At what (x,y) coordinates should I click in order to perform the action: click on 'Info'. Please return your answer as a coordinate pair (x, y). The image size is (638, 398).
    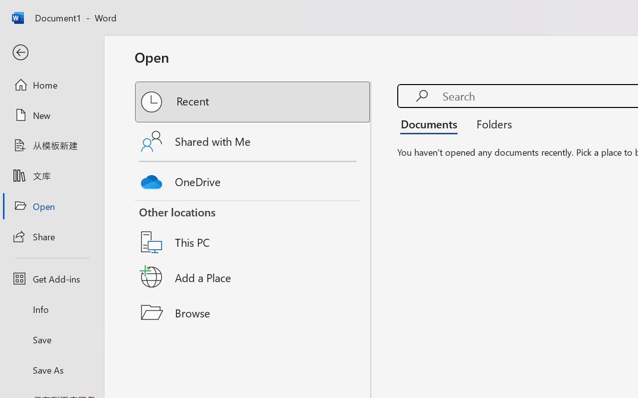
    Looking at the image, I should click on (51, 309).